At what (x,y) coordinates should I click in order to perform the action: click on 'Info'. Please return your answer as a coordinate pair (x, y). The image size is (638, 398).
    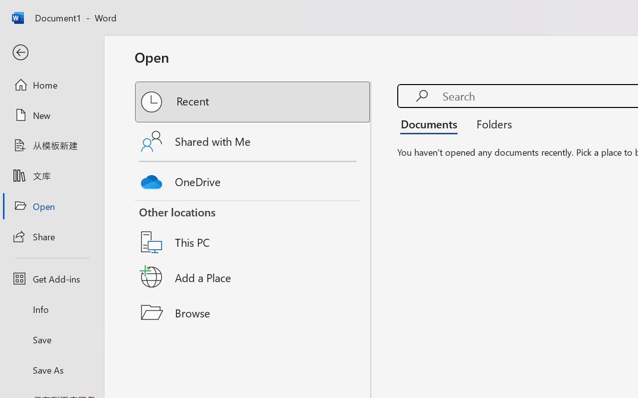
    Looking at the image, I should click on (51, 309).